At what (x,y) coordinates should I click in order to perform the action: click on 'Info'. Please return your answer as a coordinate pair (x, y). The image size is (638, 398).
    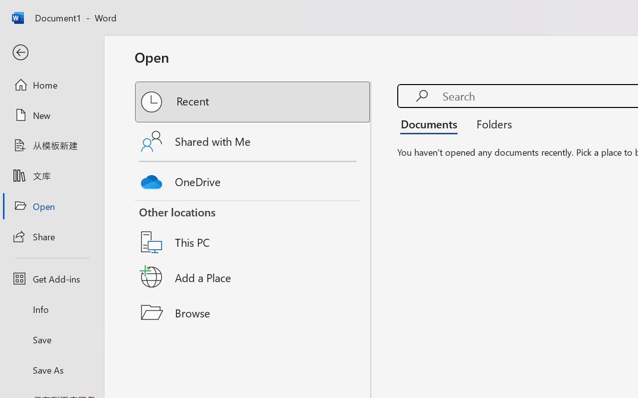
    Looking at the image, I should click on (51, 309).